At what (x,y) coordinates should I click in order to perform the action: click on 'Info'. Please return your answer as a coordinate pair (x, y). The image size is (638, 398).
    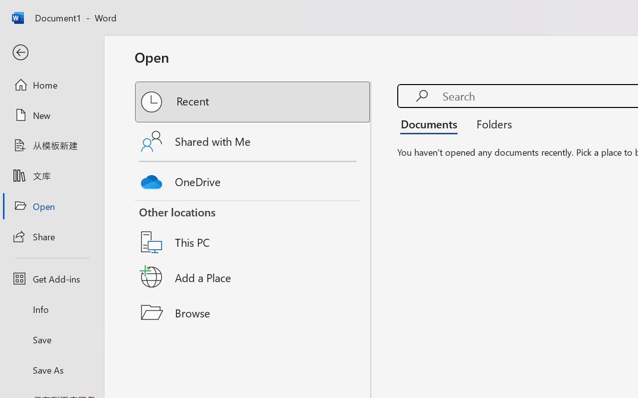
    Looking at the image, I should click on (51, 309).